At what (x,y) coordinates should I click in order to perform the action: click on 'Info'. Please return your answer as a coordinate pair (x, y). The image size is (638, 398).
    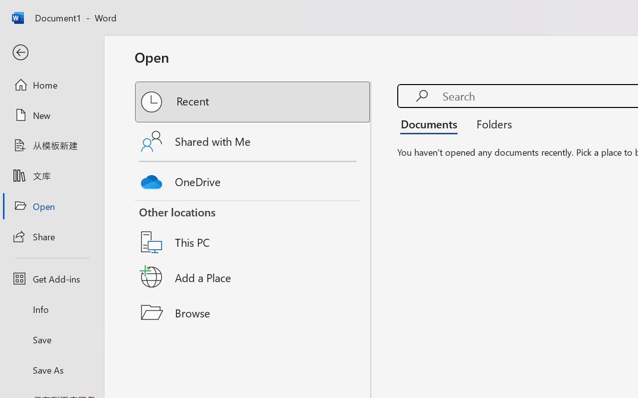
    Looking at the image, I should click on (51, 309).